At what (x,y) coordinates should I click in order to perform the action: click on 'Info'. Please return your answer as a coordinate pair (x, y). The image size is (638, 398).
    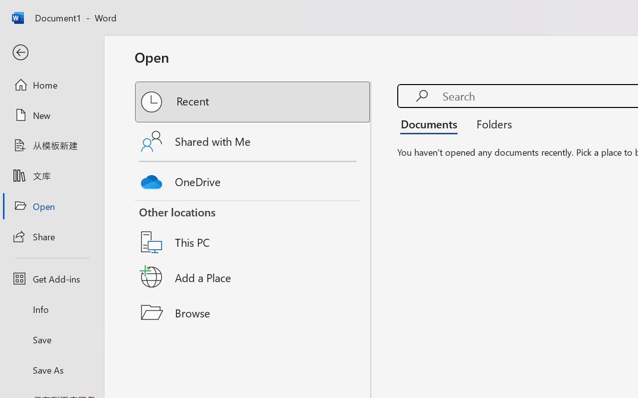
    Looking at the image, I should click on (51, 309).